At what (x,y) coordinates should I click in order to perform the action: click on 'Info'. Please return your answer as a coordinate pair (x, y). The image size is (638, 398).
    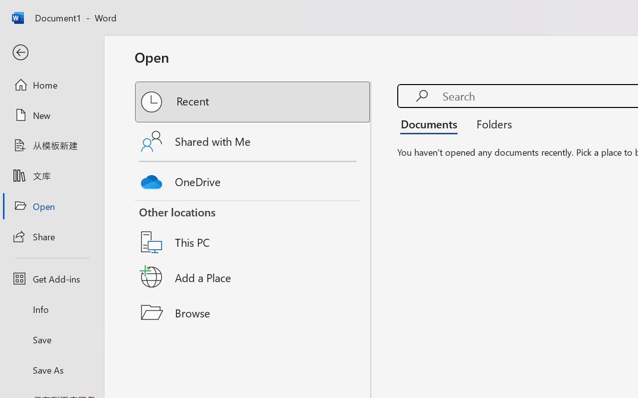
    Looking at the image, I should click on (51, 309).